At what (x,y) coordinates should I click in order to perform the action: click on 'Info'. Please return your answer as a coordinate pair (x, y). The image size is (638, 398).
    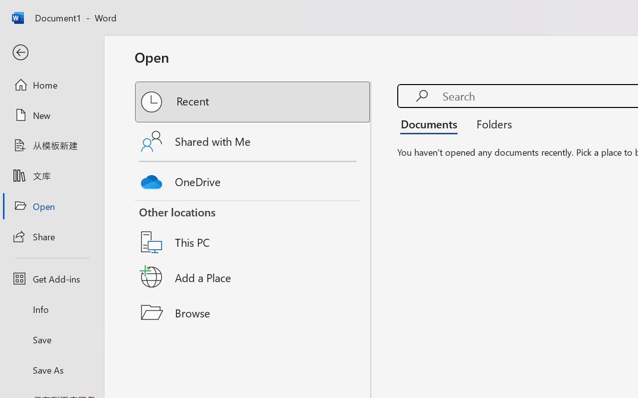
    Looking at the image, I should click on (51, 309).